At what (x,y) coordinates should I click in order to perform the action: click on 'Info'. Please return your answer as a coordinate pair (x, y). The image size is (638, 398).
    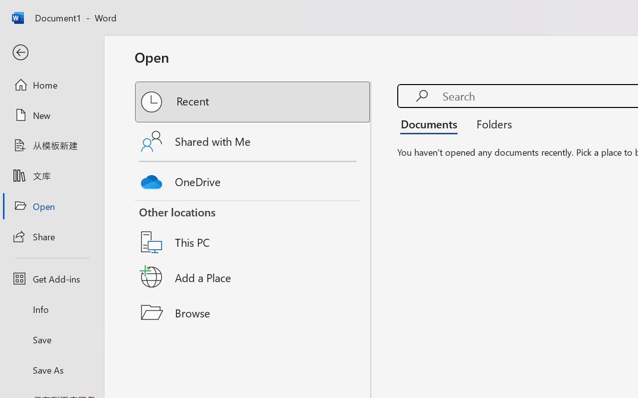
    Looking at the image, I should click on (51, 309).